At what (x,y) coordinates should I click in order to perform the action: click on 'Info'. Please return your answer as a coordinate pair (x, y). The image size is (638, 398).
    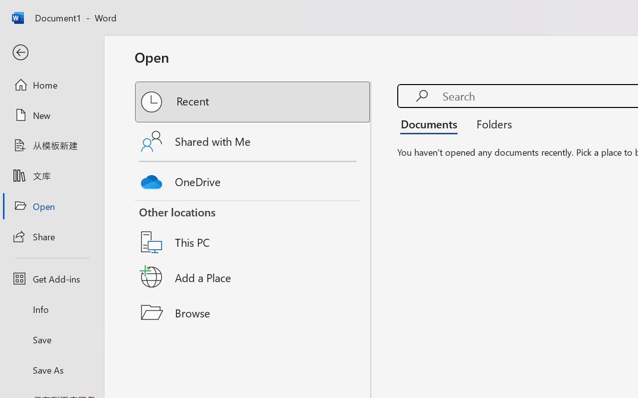
    Looking at the image, I should click on (51, 309).